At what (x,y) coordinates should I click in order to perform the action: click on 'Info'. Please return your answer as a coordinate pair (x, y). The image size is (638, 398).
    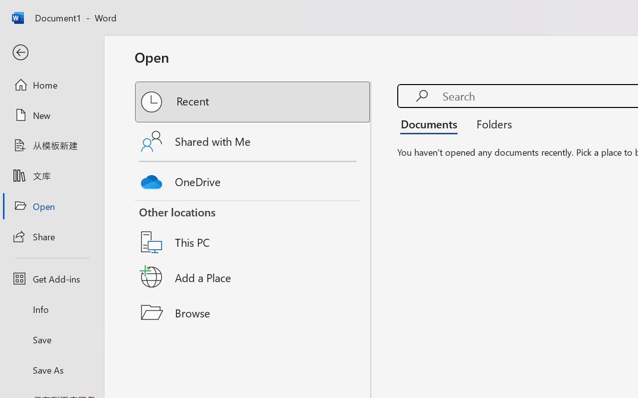
    Looking at the image, I should click on (51, 309).